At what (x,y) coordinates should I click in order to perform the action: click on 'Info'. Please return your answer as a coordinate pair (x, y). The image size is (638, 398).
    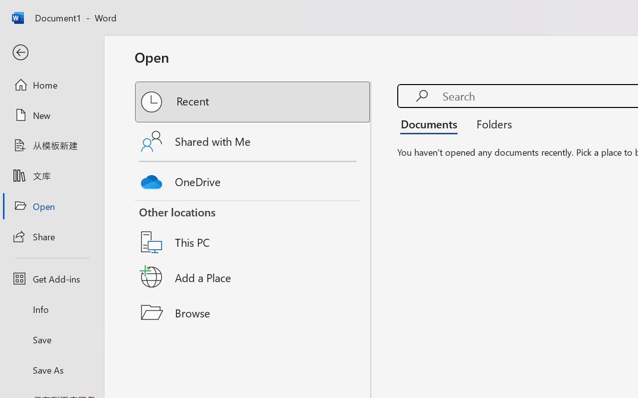
    Looking at the image, I should click on (51, 309).